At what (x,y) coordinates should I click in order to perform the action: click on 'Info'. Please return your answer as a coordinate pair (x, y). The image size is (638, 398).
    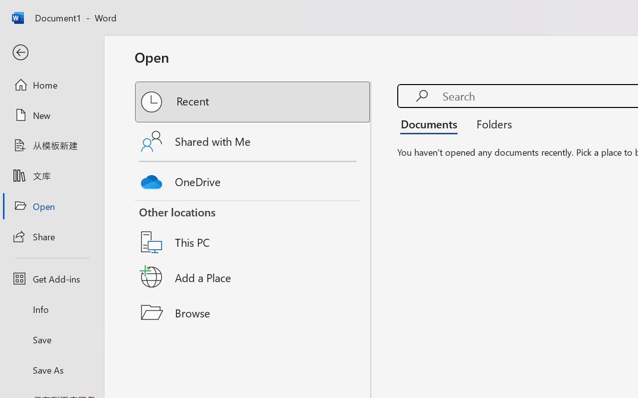
    Looking at the image, I should click on (51, 309).